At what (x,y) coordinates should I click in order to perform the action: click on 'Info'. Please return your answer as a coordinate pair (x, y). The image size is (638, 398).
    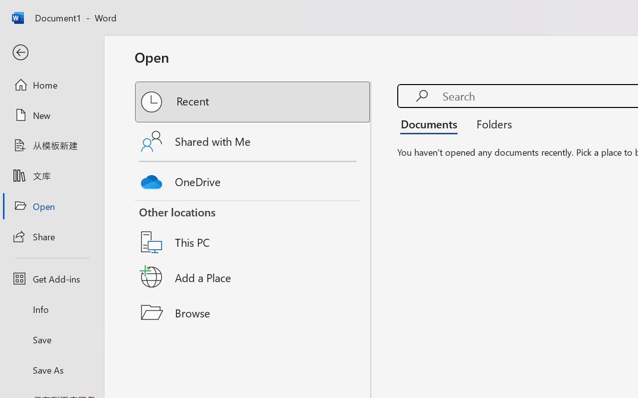
    Looking at the image, I should click on (51, 309).